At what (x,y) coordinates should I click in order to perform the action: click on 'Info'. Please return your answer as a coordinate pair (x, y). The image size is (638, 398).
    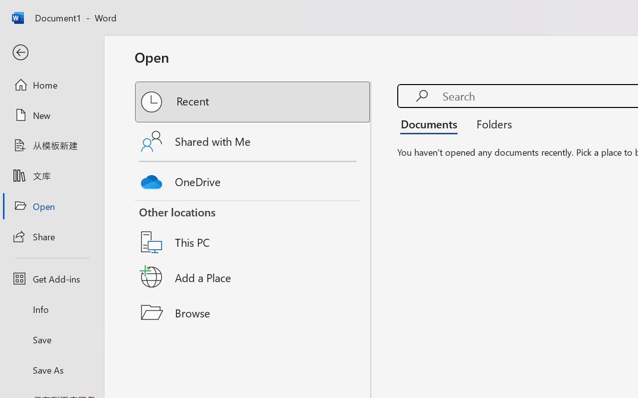
    Looking at the image, I should click on (51, 309).